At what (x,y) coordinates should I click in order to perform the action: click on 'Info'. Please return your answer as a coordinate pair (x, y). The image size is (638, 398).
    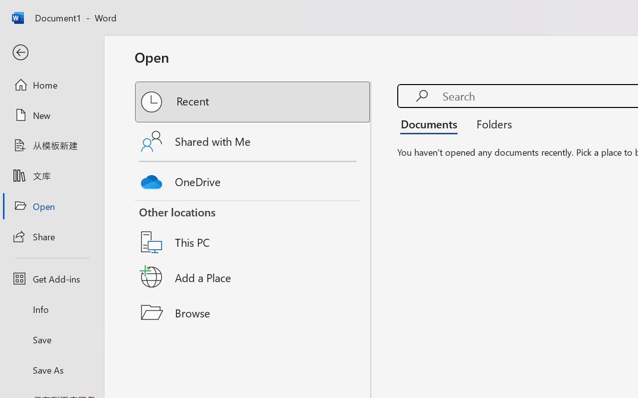
    Looking at the image, I should click on (51, 309).